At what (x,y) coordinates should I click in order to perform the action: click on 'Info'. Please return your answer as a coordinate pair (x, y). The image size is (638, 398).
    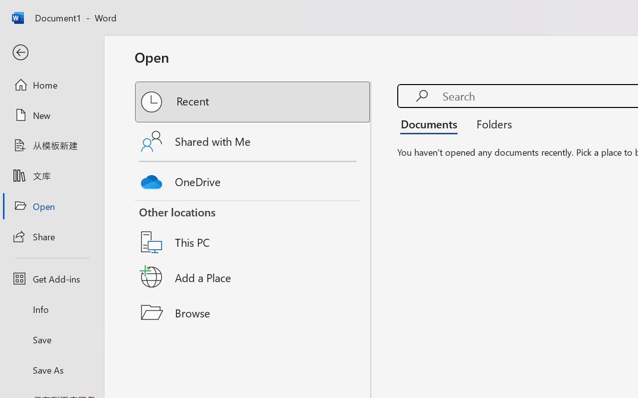
    Looking at the image, I should click on (51, 309).